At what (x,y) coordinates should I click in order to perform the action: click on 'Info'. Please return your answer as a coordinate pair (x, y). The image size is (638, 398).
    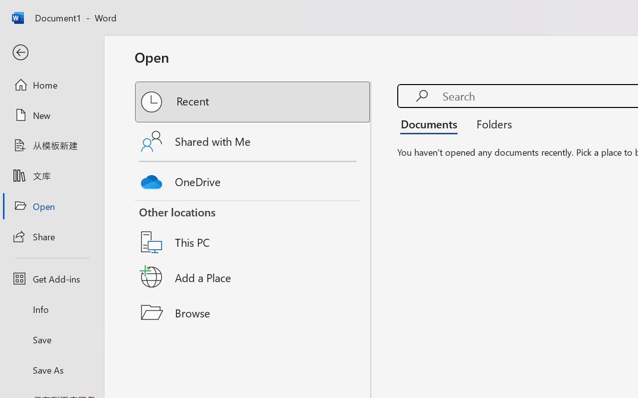
    Looking at the image, I should click on (51, 309).